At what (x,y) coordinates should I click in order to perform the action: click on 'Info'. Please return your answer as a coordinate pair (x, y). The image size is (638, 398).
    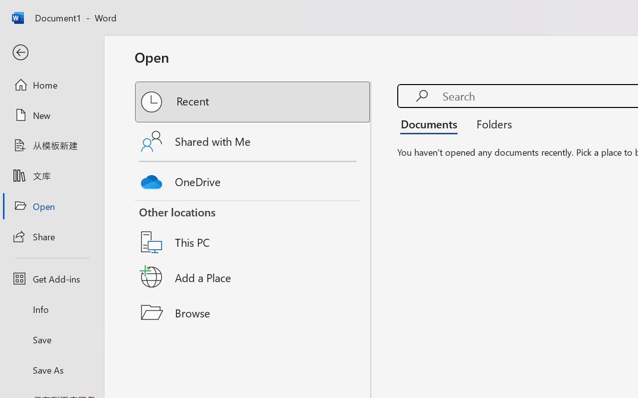
    Looking at the image, I should click on (51, 309).